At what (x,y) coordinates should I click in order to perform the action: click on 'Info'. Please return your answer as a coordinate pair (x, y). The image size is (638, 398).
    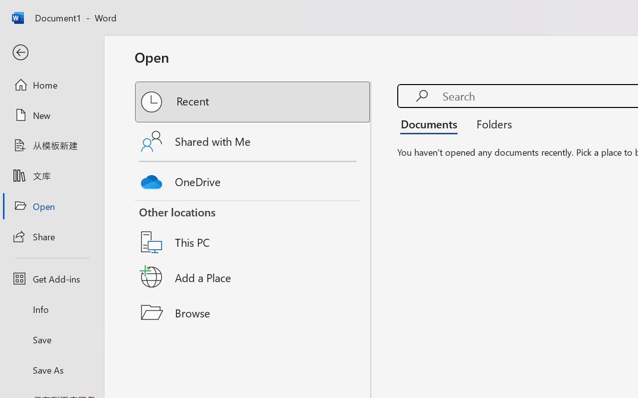
    Looking at the image, I should click on (51, 309).